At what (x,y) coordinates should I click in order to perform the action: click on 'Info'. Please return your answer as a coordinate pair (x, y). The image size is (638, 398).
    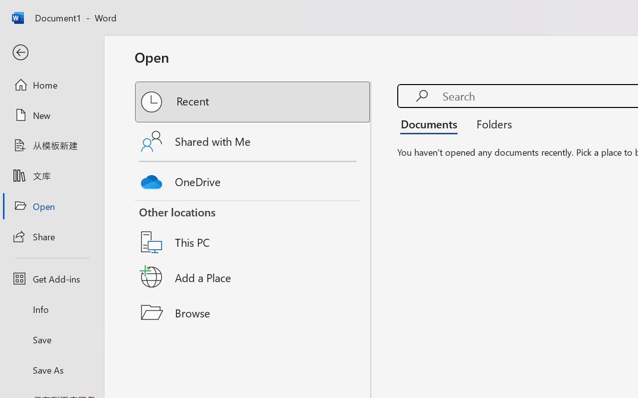
    Looking at the image, I should click on (51, 309).